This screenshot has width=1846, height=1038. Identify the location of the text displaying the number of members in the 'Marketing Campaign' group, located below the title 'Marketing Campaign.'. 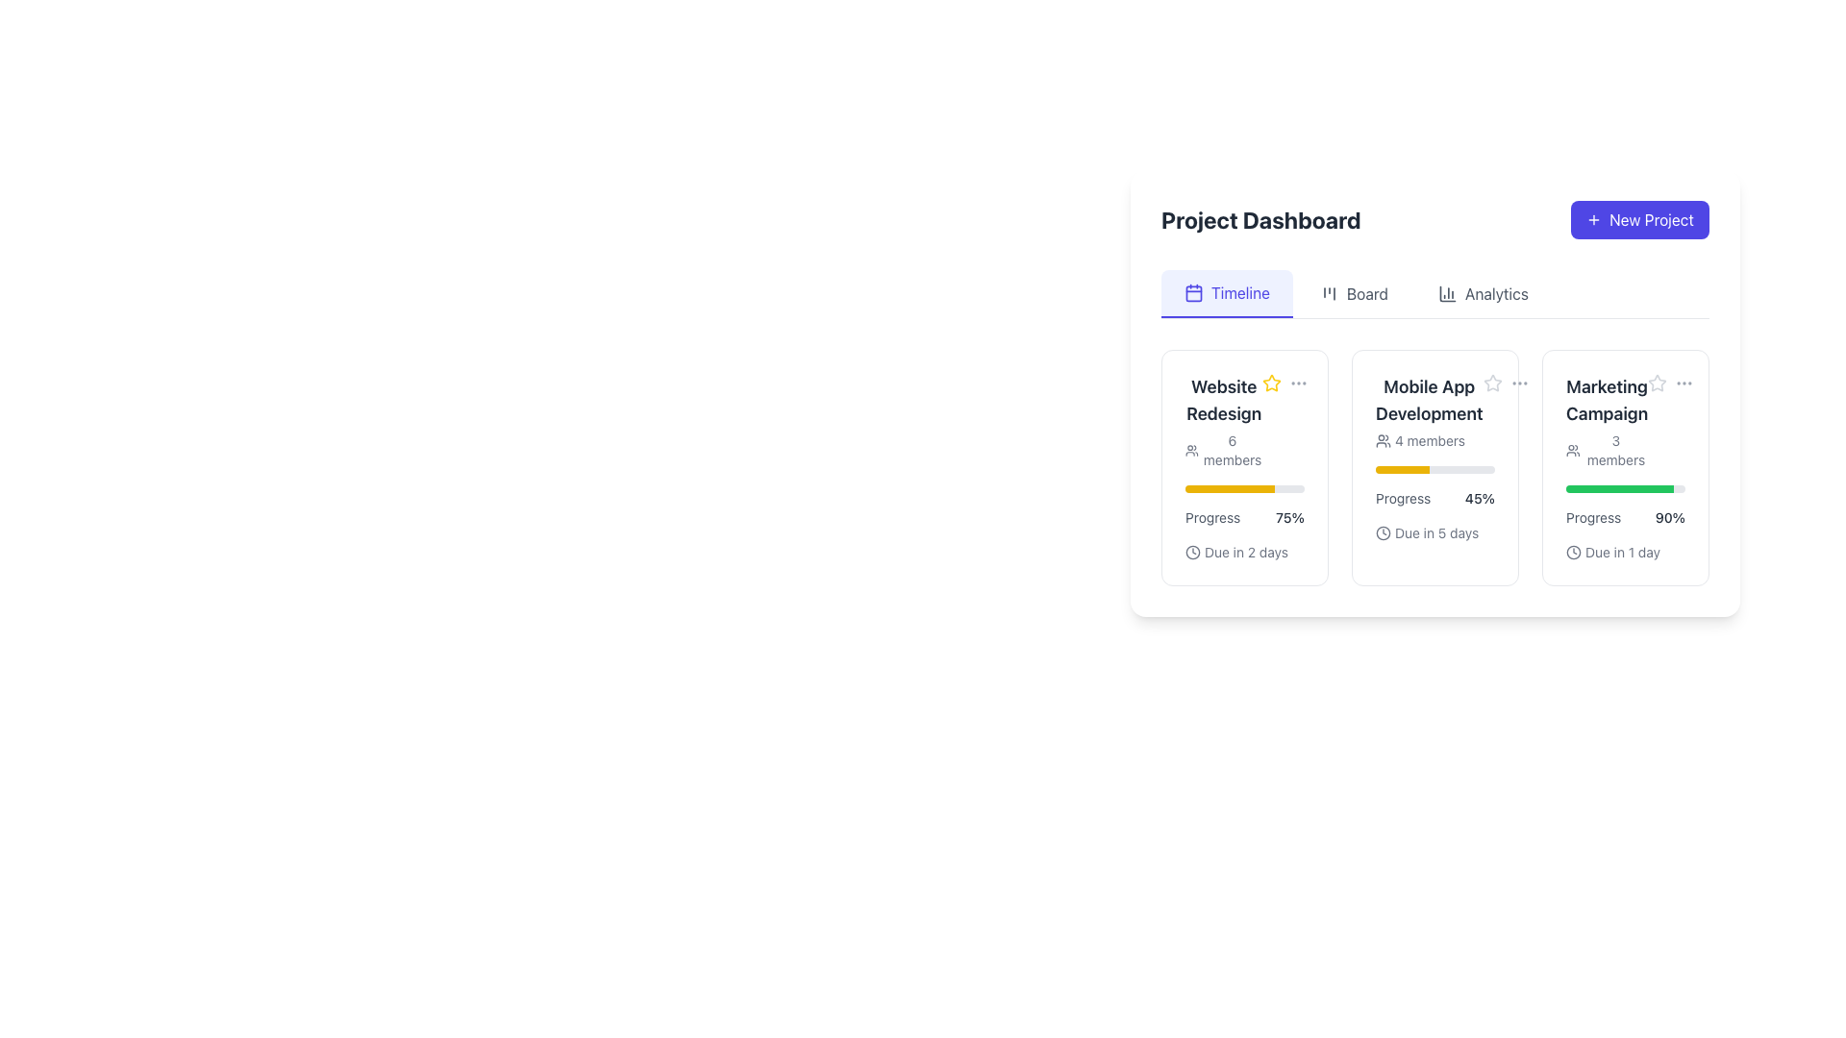
(1607, 451).